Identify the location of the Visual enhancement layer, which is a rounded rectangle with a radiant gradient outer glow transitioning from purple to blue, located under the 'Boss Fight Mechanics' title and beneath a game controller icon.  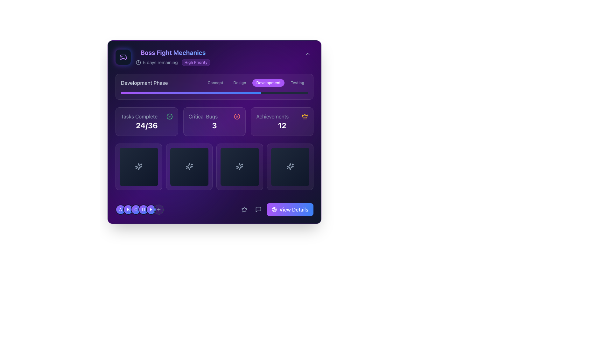
(123, 57).